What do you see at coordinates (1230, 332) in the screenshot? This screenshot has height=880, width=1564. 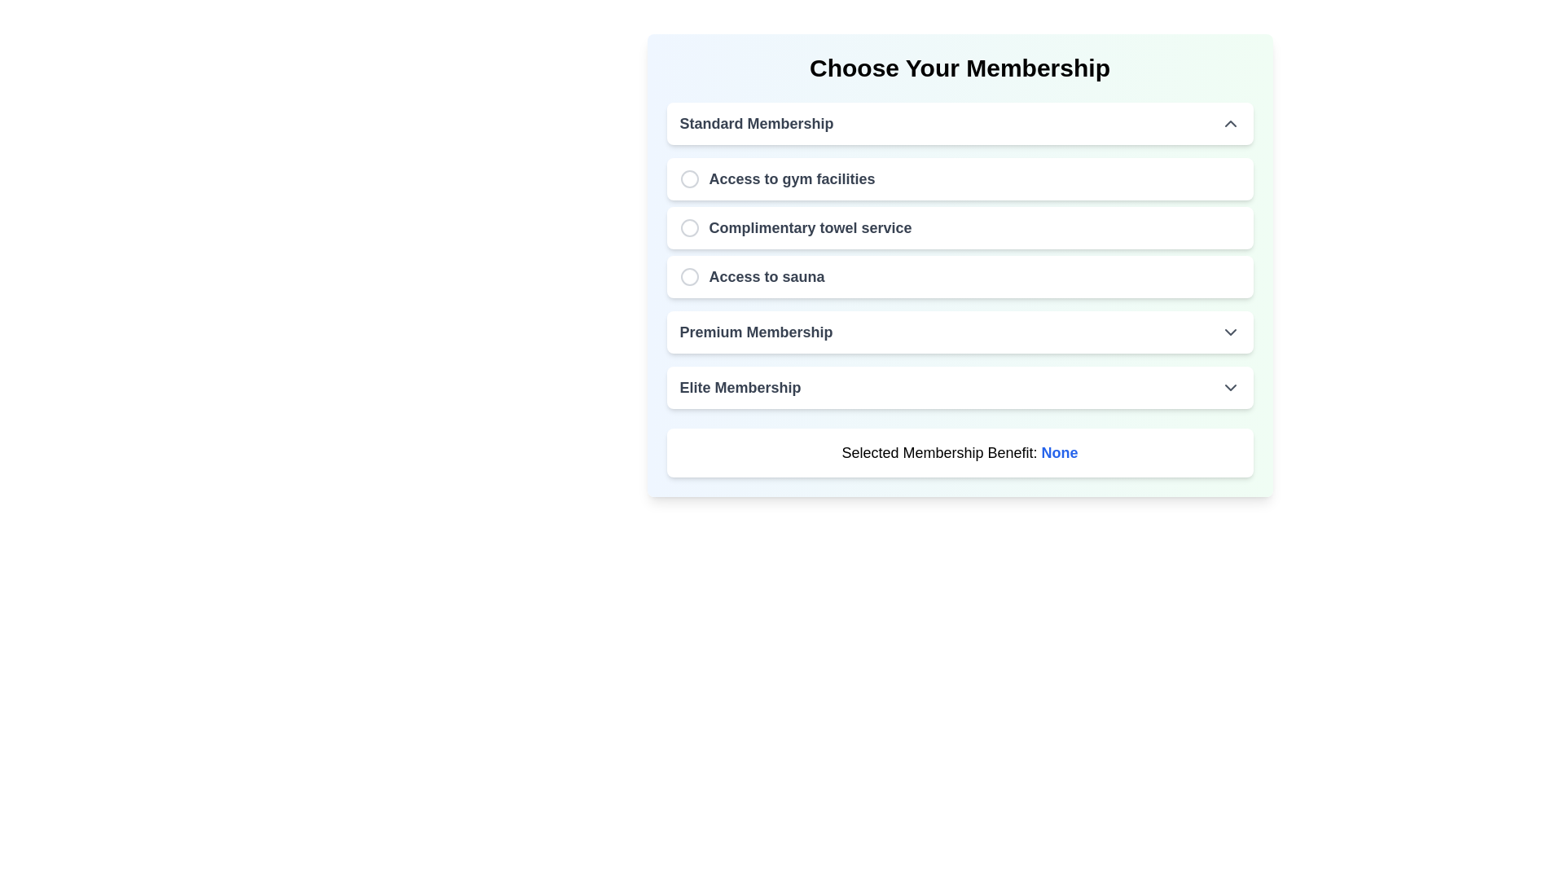 I see `the chevron icon located on the right-hand side of the 'Premium Membership' section` at bounding box center [1230, 332].